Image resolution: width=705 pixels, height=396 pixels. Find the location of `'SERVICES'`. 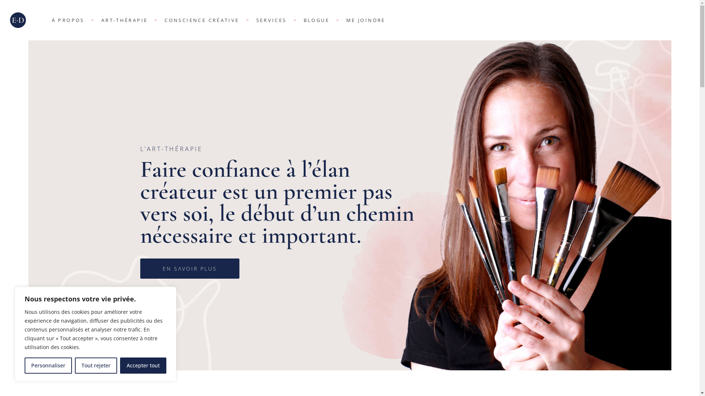

'SERVICES' is located at coordinates (271, 19).